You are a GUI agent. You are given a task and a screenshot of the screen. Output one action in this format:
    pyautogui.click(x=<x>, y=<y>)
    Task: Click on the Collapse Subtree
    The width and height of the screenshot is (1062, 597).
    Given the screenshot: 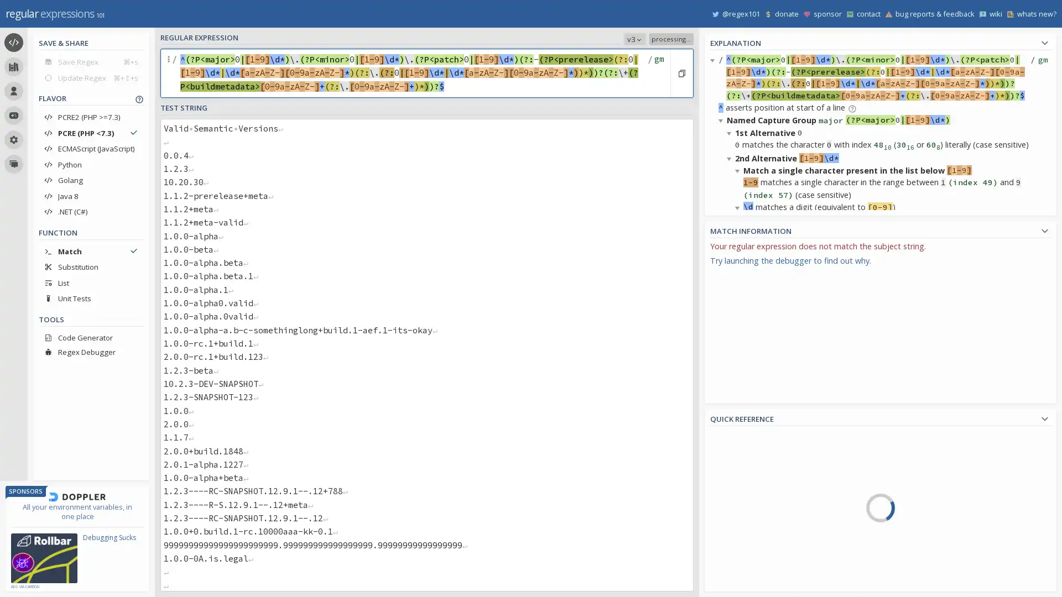 What is the action you would take?
    pyautogui.click(x=731, y=409)
    